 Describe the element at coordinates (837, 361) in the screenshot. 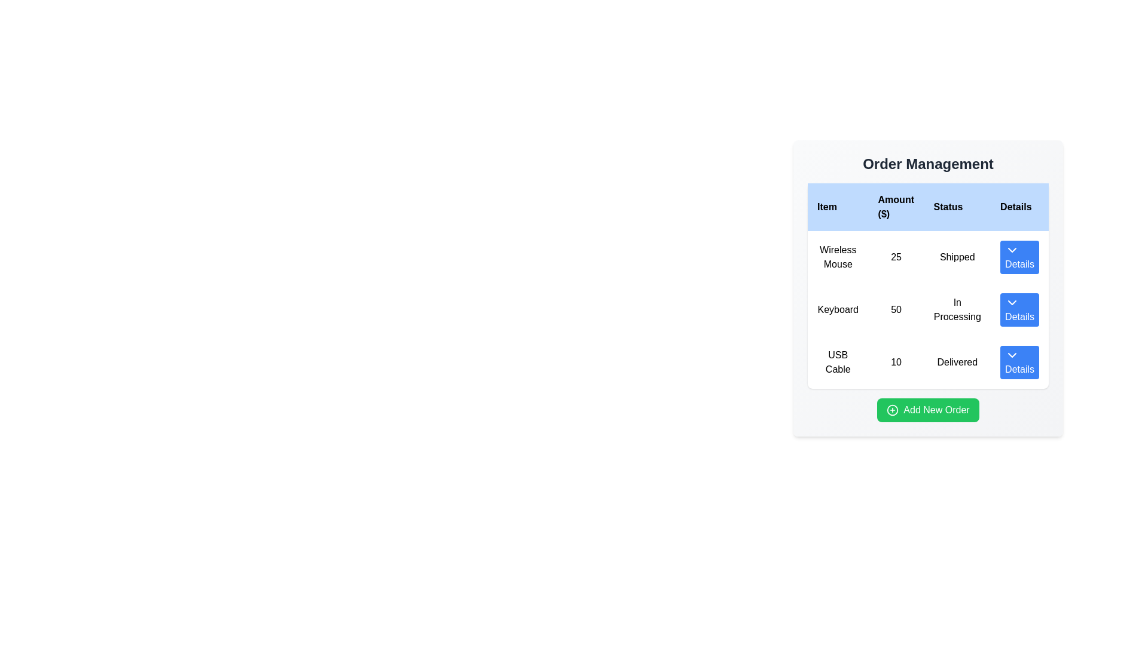

I see `the static text label that identifies a product in the order management interface, located at the bottom-left of the table` at that location.